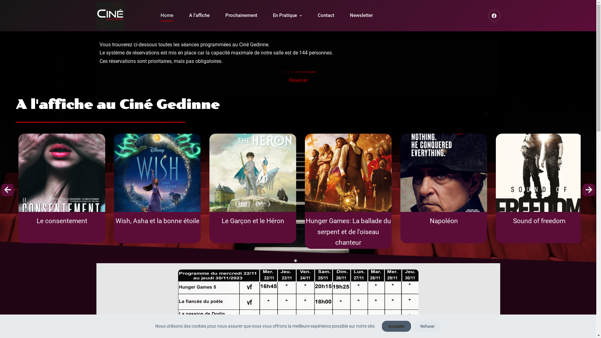  Describe the element at coordinates (8, 189) in the screenshot. I see `'previous item'` at that location.